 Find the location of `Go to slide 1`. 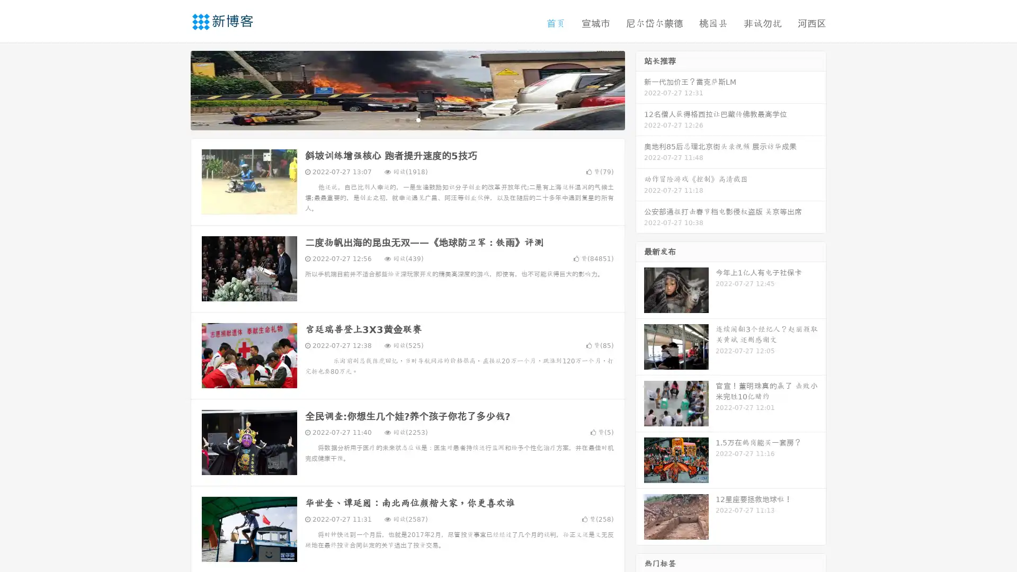

Go to slide 1 is located at coordinates (396, 119).